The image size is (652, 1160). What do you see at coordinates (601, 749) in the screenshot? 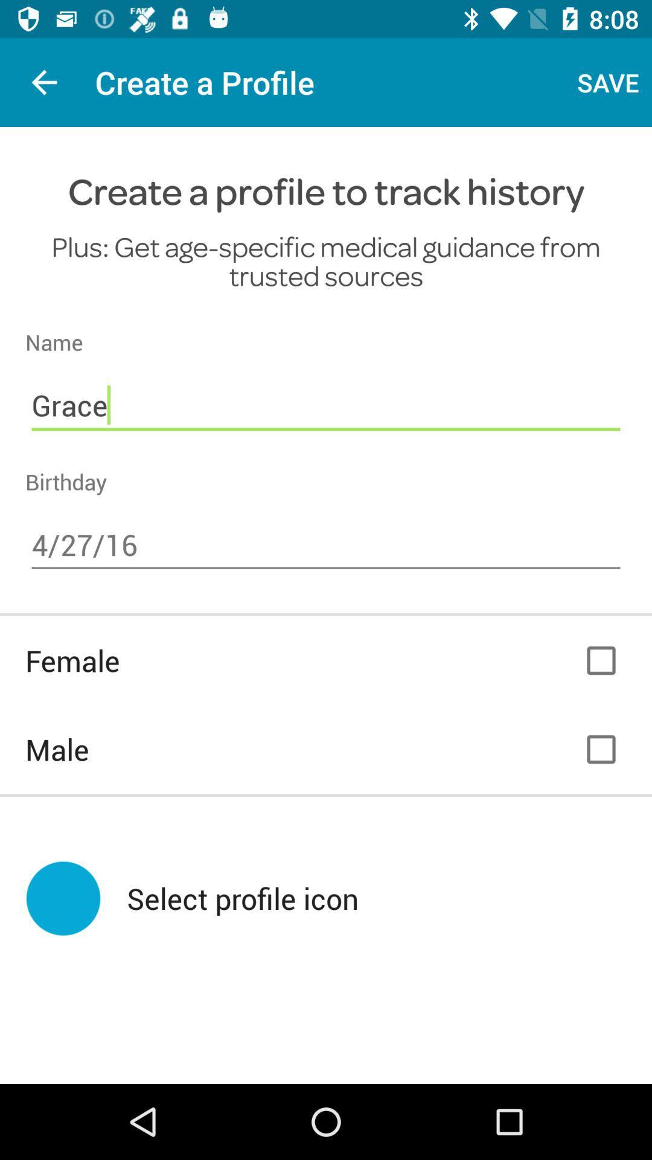
I see `male option` at bounding box center [601, 749].